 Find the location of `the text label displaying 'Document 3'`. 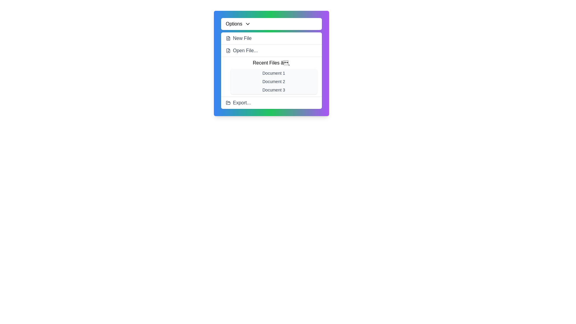

the text label displaying 'Document 3' is located at coordinates (273, 90).